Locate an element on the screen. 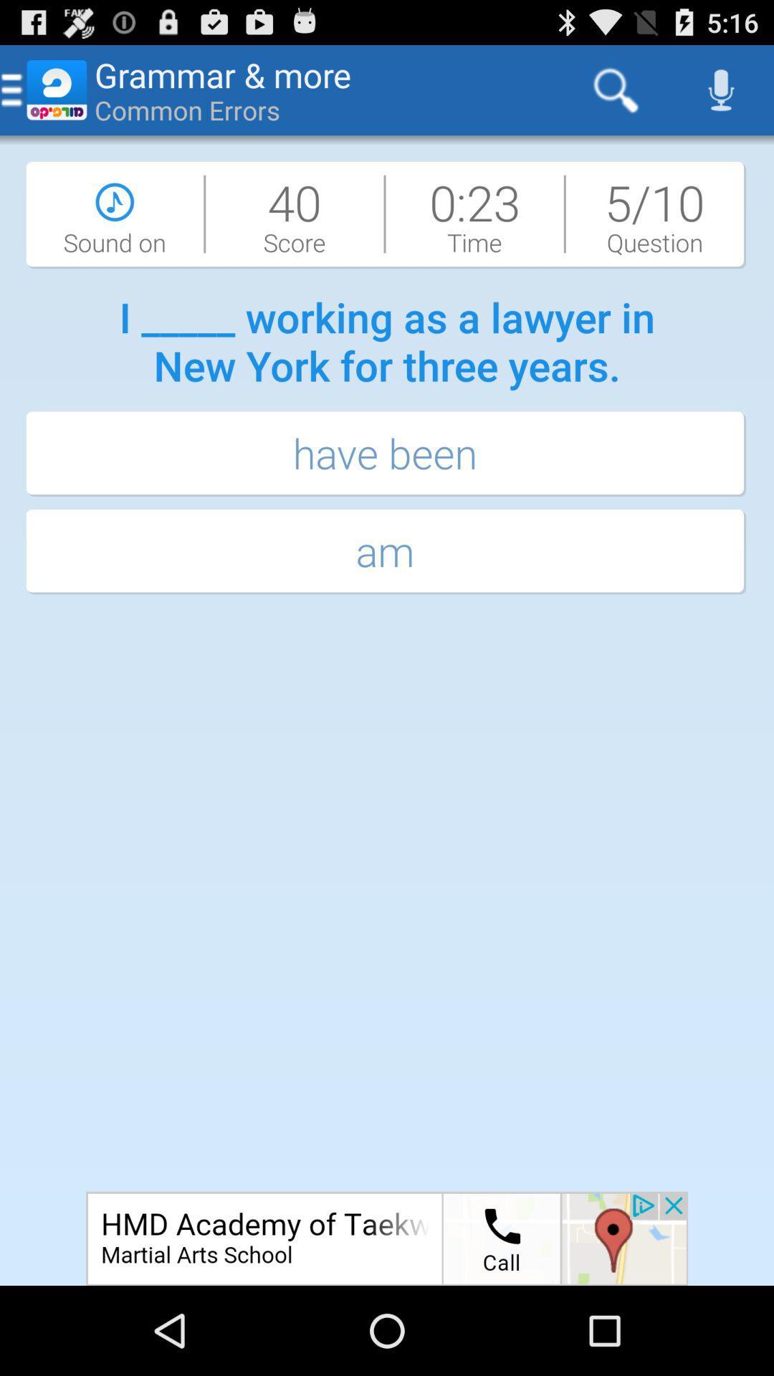 The height and width of the screenshot is (1376, 774). this option advertisement is located at coordinates (387, 1238).